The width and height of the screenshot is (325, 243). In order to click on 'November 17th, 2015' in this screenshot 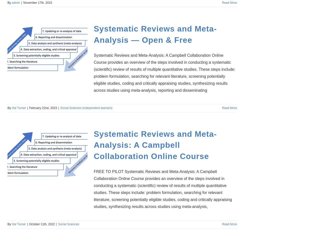, I will do `click(37, 2)`.